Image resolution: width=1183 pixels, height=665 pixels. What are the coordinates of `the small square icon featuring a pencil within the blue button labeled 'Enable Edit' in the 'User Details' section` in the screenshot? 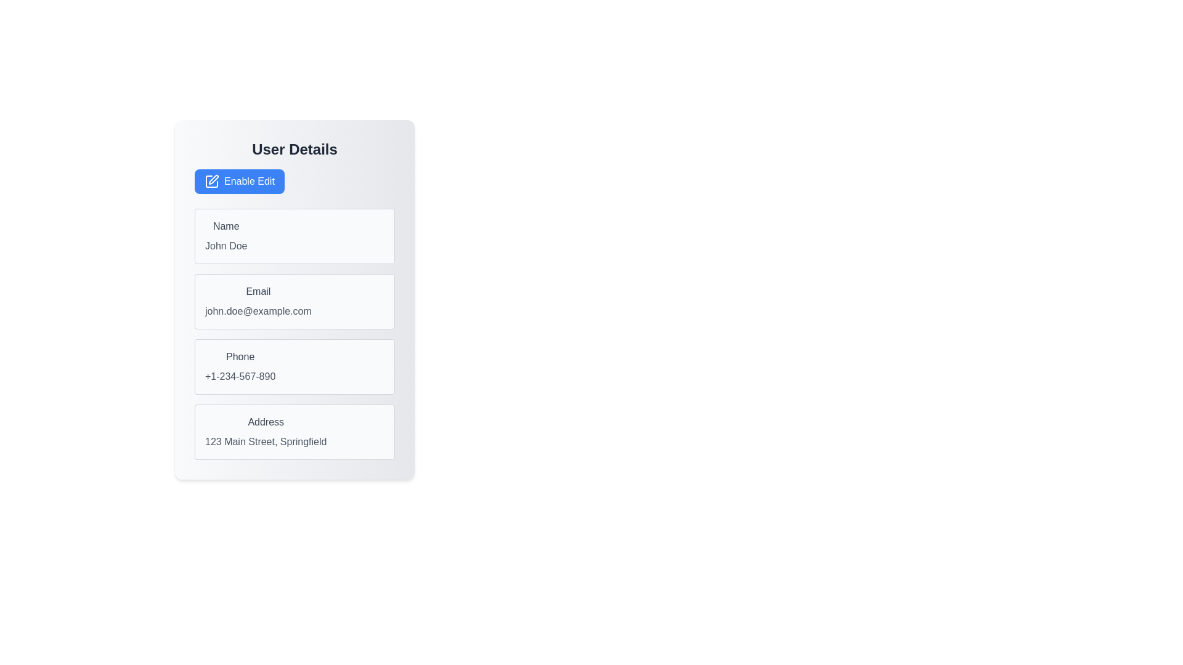 It's located at (212, 181).